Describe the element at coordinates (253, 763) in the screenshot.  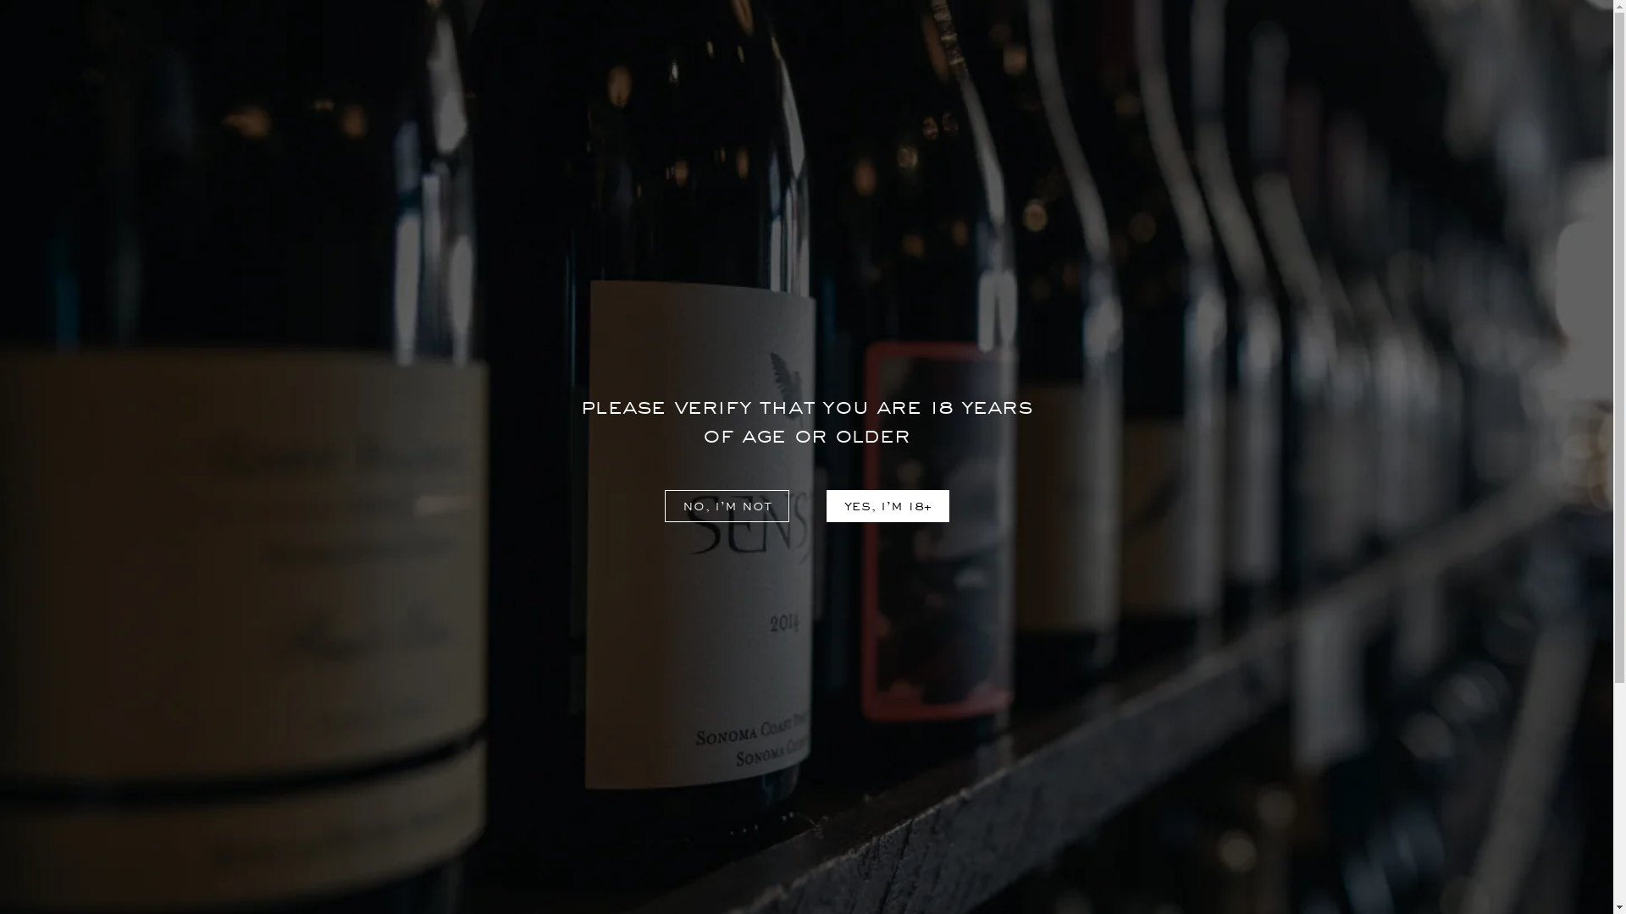
I see `'Privacy Policy'` at that location.